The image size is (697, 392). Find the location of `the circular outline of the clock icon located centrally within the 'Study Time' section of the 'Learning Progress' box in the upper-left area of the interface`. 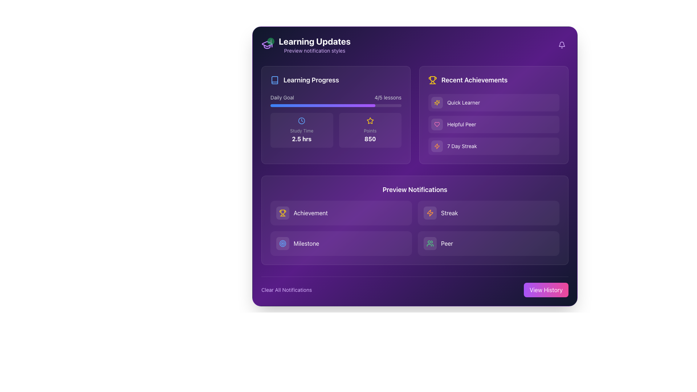

the circular outline of the clock icon located centrally within the 'Study Time' section of the 'Learning Progress' box in the upper-left area of the interface is located at coordinates (302, 120).